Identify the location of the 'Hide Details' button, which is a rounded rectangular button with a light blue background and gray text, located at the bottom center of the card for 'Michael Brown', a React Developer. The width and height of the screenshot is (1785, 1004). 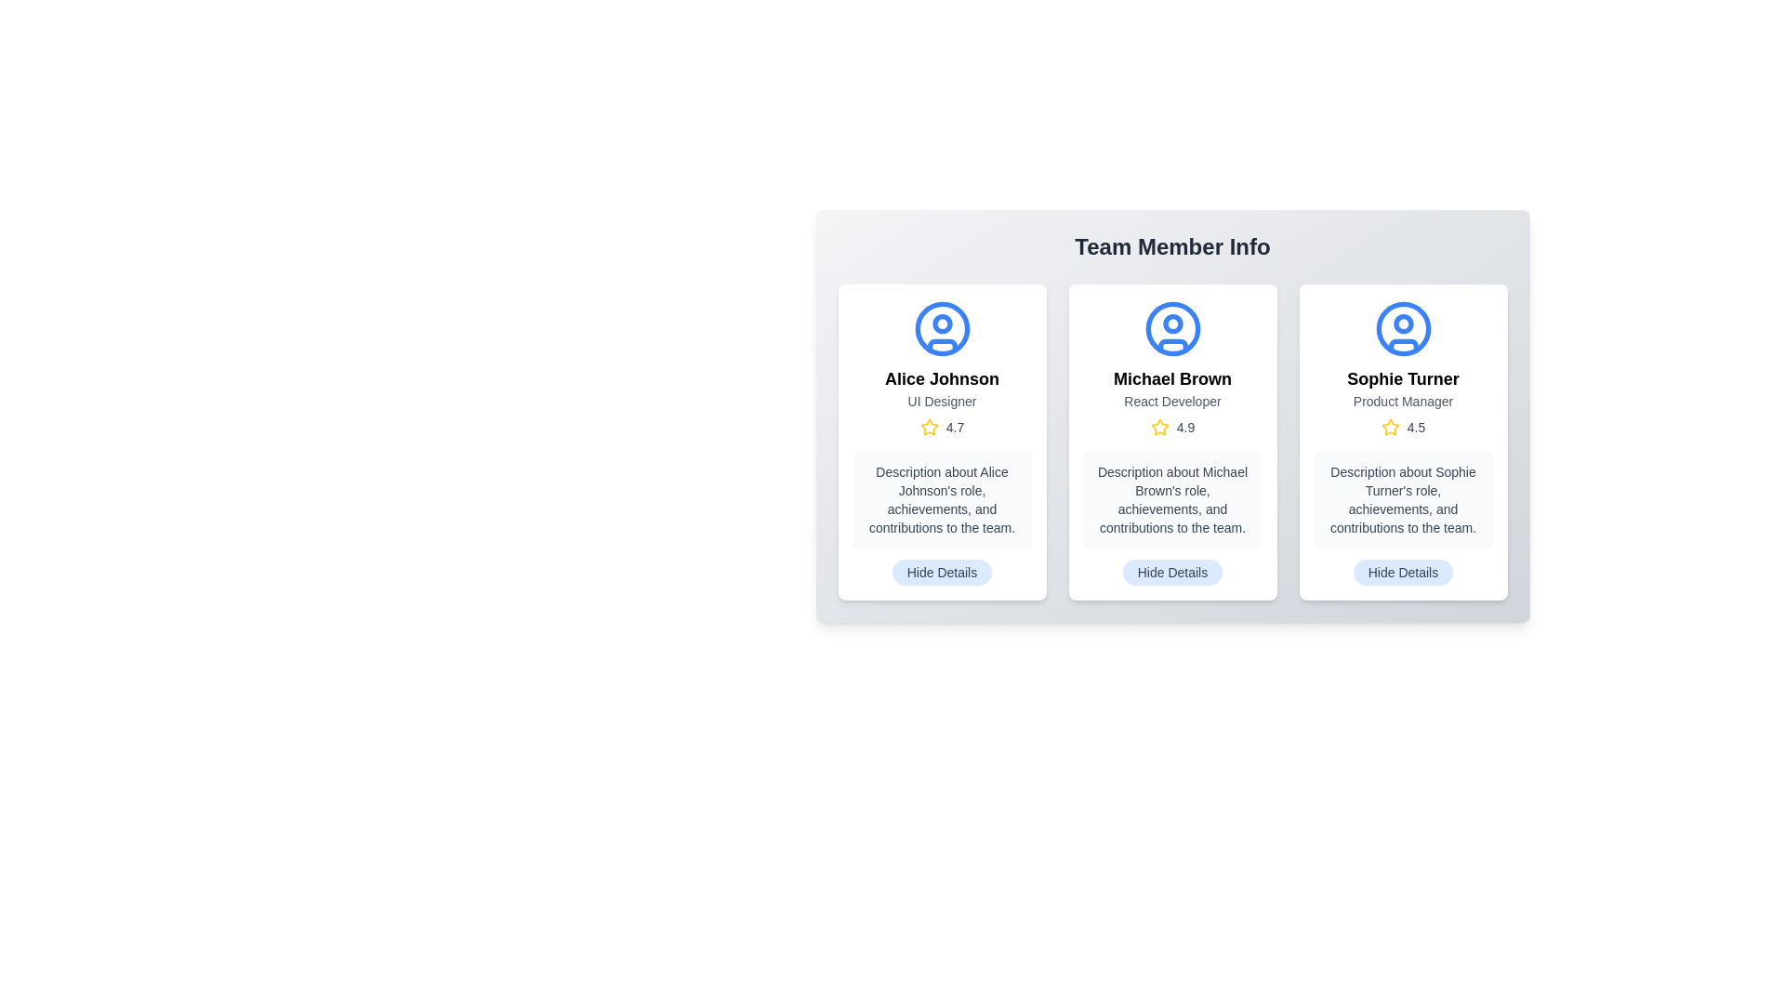
(1171, 572).